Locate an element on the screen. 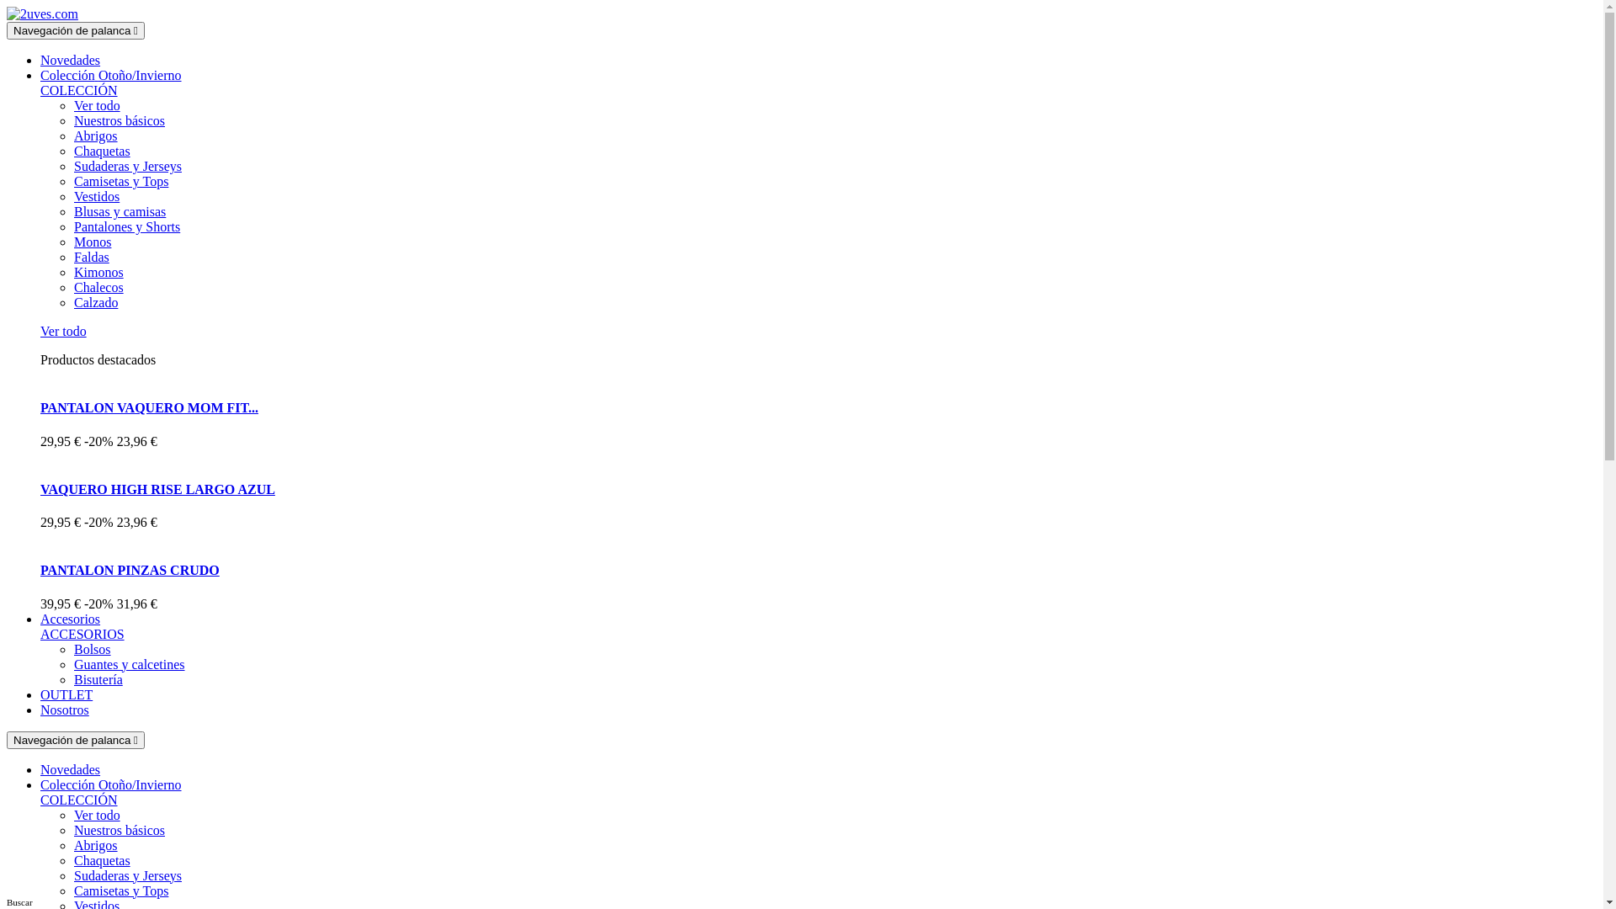 The image size is (1616, 909). 'Novedades' is located at coordinates (69, 59).